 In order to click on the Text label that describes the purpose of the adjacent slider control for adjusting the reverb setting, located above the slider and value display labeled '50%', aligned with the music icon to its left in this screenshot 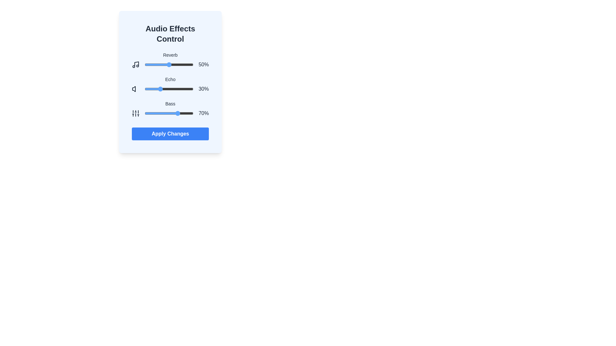, I will do `click(170, 55)`.